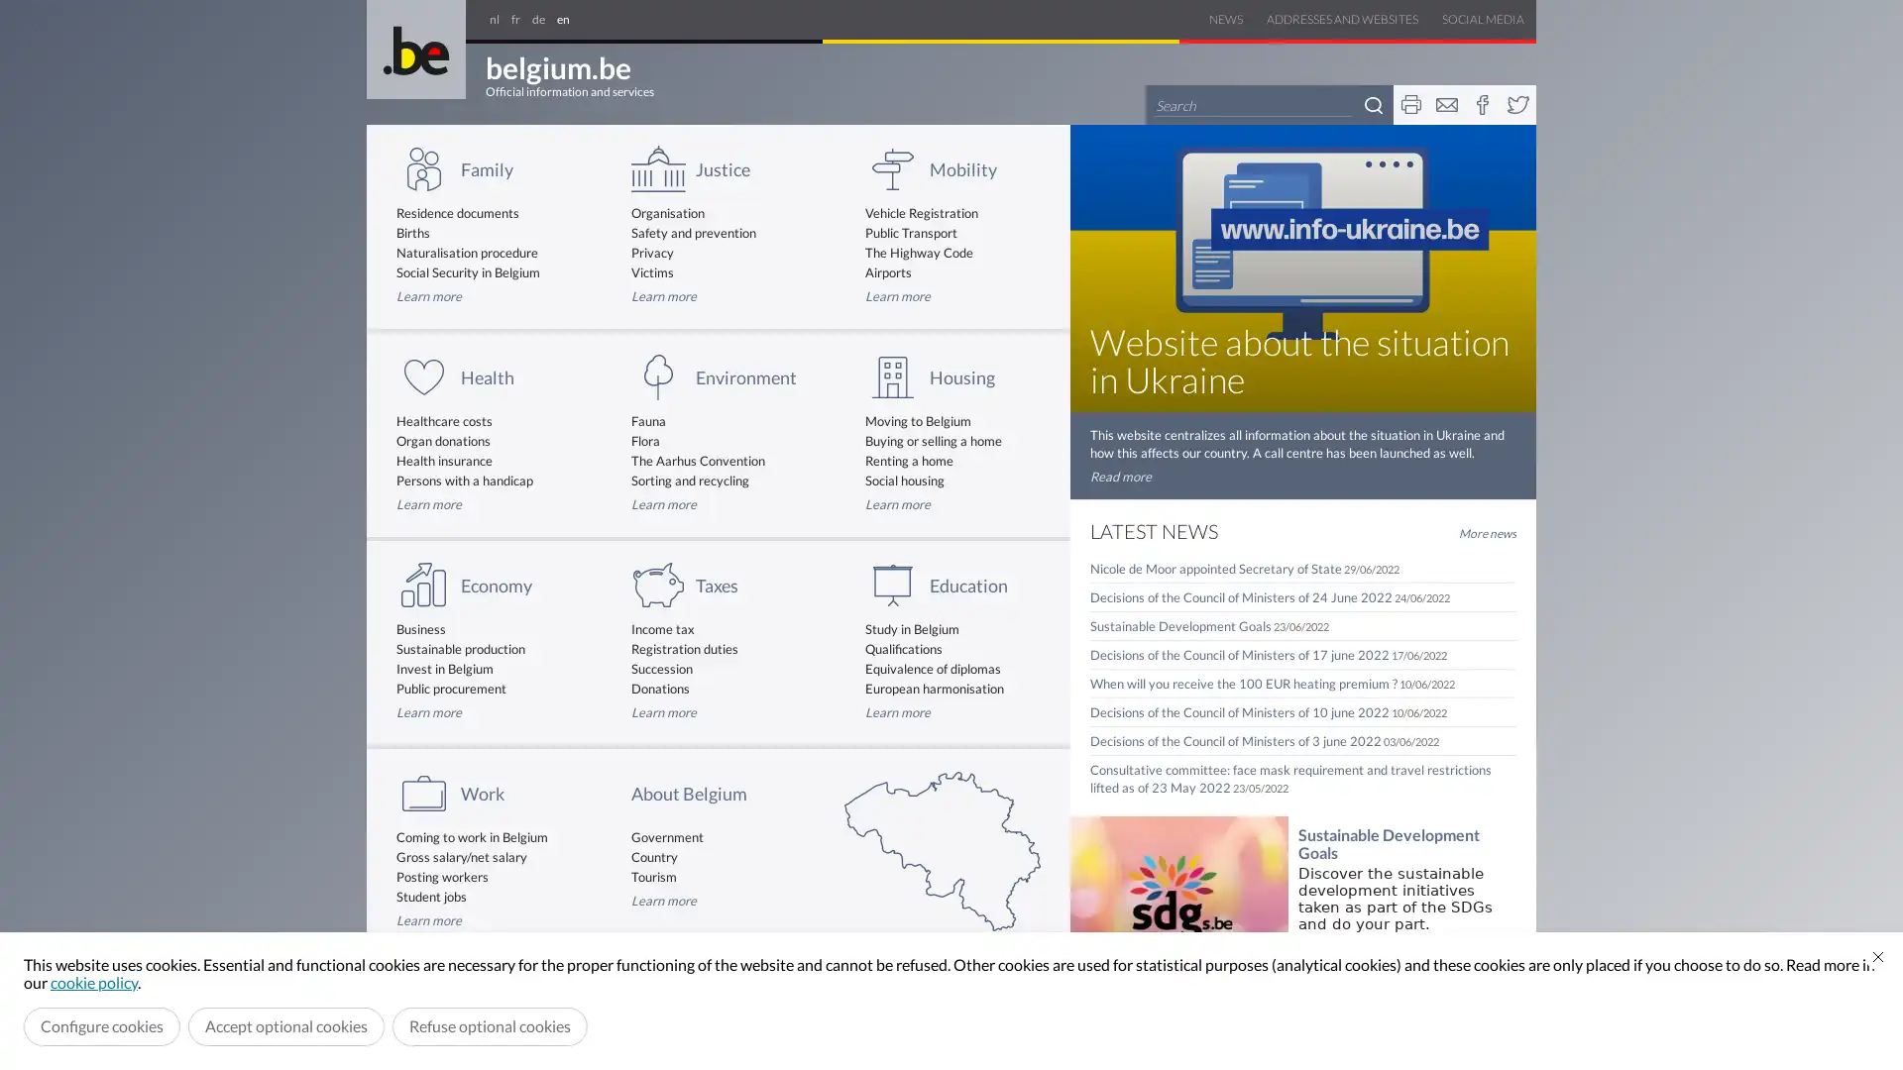 The height and width of the screenshot is (1070, 1903). What do you see at coordinates (490, 1025) in the screenshot?
I see `Refuse optional cookies` at bounding box center [490, 1025].